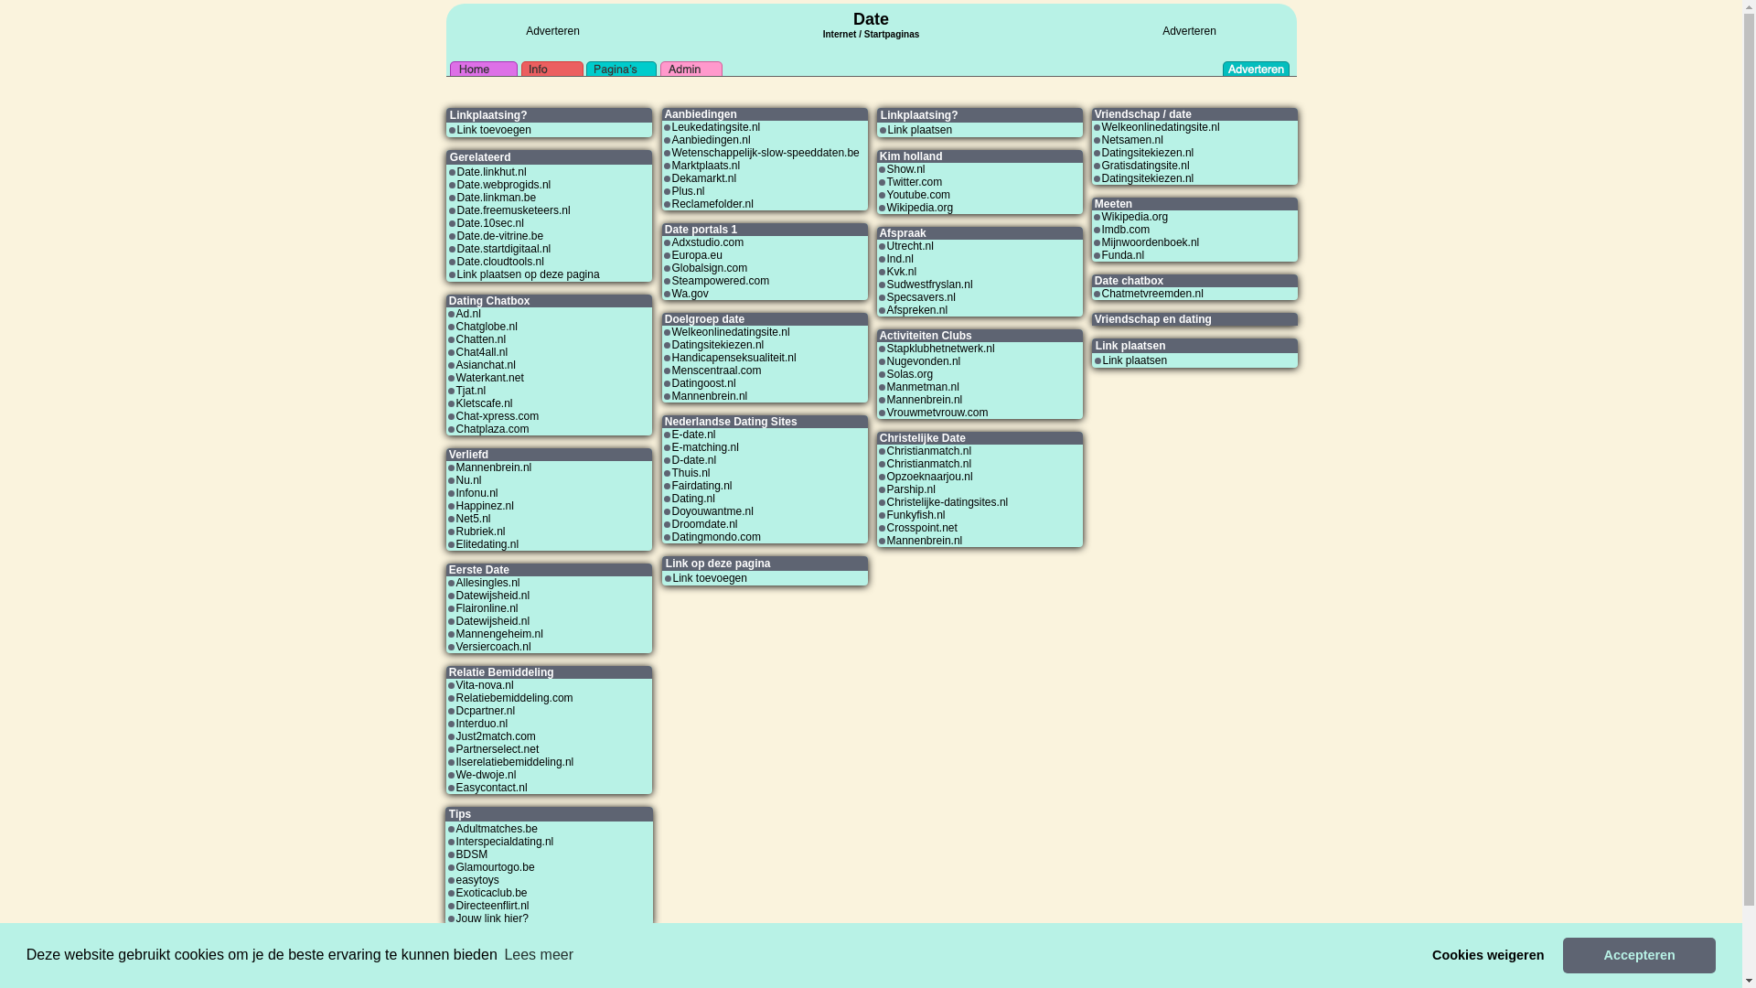 Image resolution: width=1756 pixels, height=988 pixels. Describe the element at coordinates (922, 528) in the screenshot. I see `'Crosspoint.net'` at that location.